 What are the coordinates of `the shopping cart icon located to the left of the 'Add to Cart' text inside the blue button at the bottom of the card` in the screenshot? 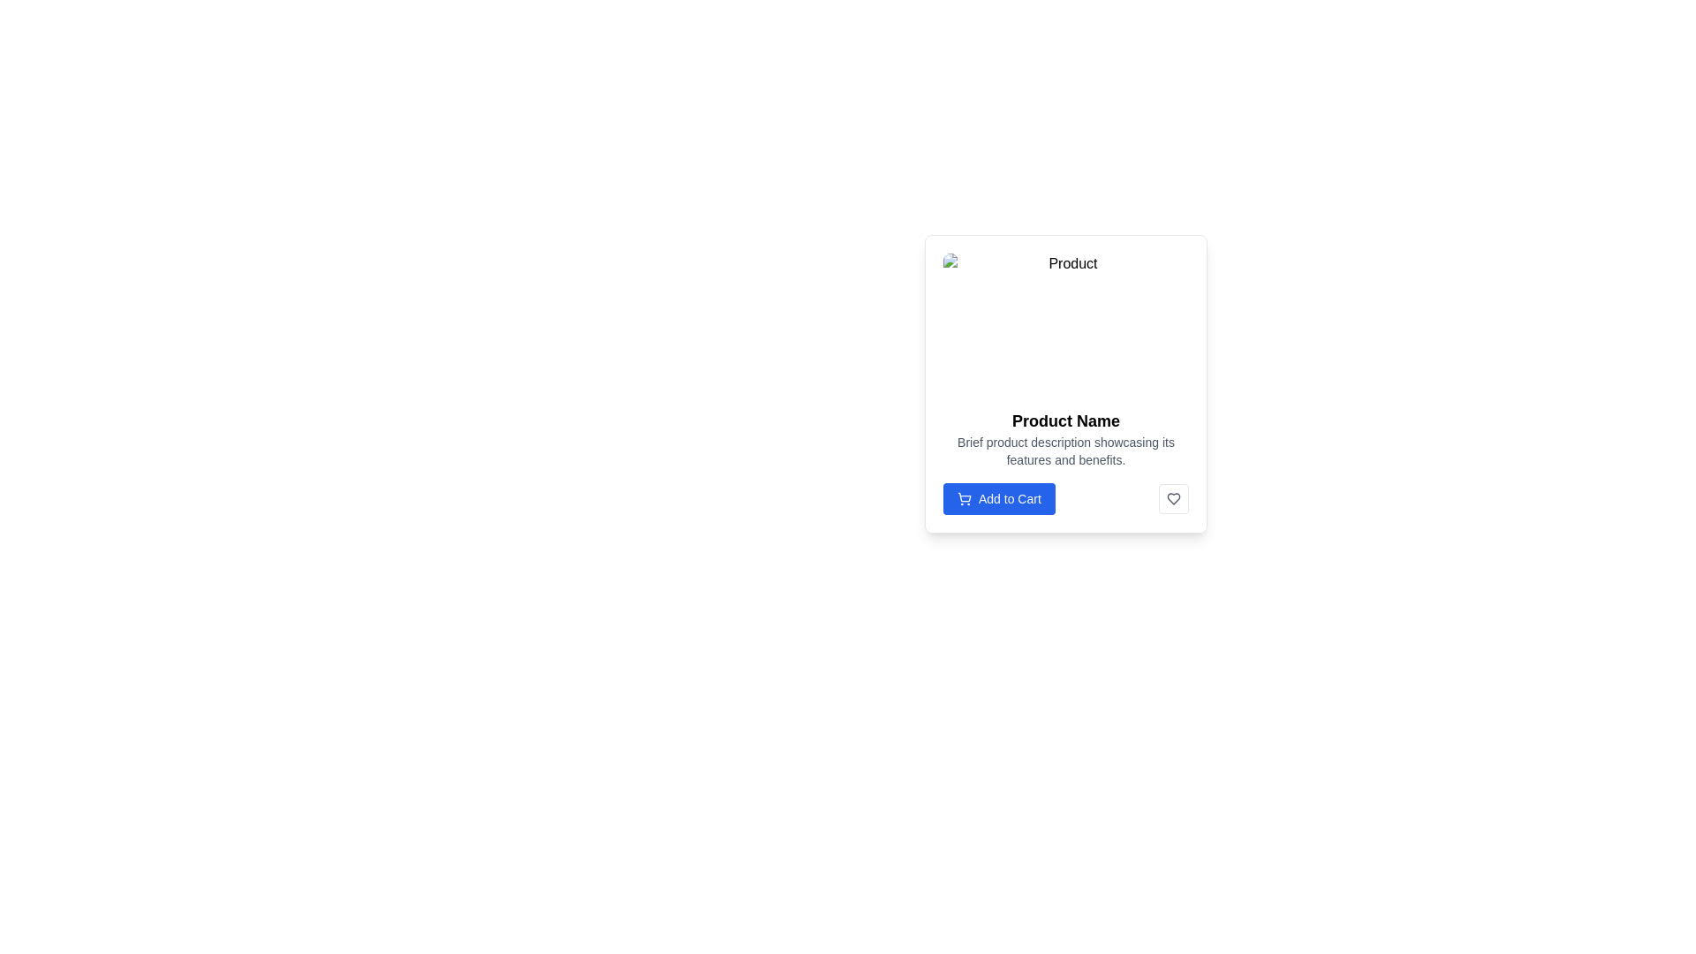 It's located at (963, 498).